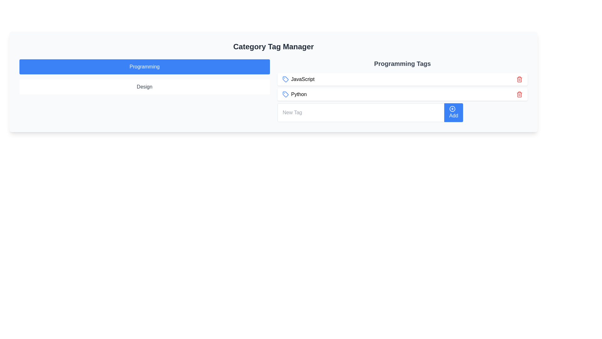  What do you see at coordinates (144, 87) in the screenshot?
I see `the second button in the vertical list that allows users` at bounding box center [144, 87].